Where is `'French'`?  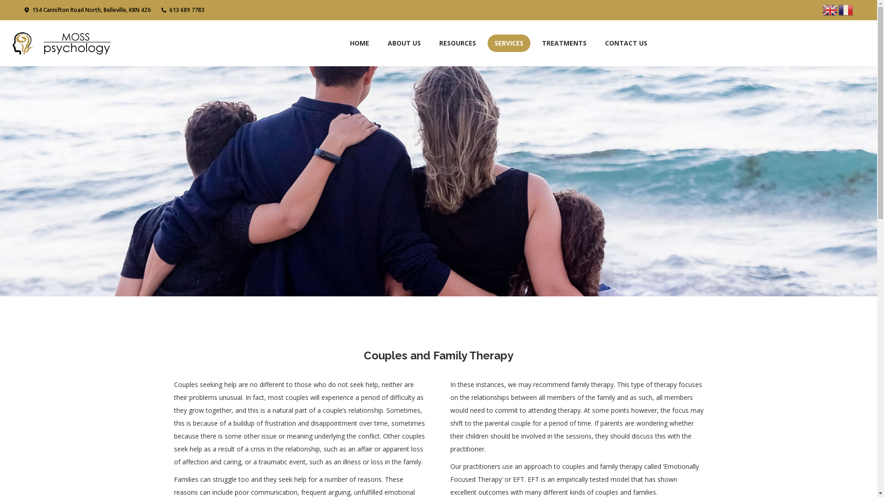
'French' is located at coordinates (846, 9).